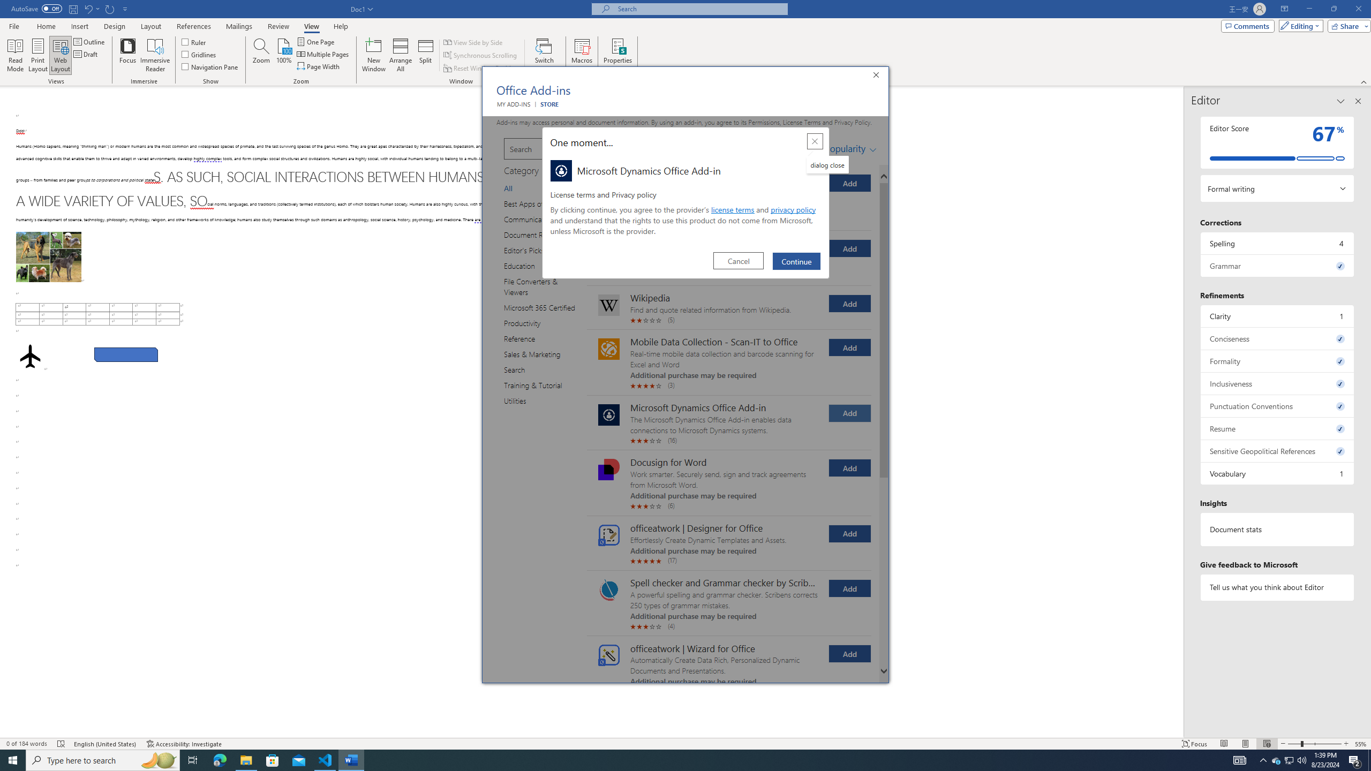  What do you see at coordinates (1277, 529) in the screenshot?
I see `'Document statistics'` at bounding box center [1277, 529].